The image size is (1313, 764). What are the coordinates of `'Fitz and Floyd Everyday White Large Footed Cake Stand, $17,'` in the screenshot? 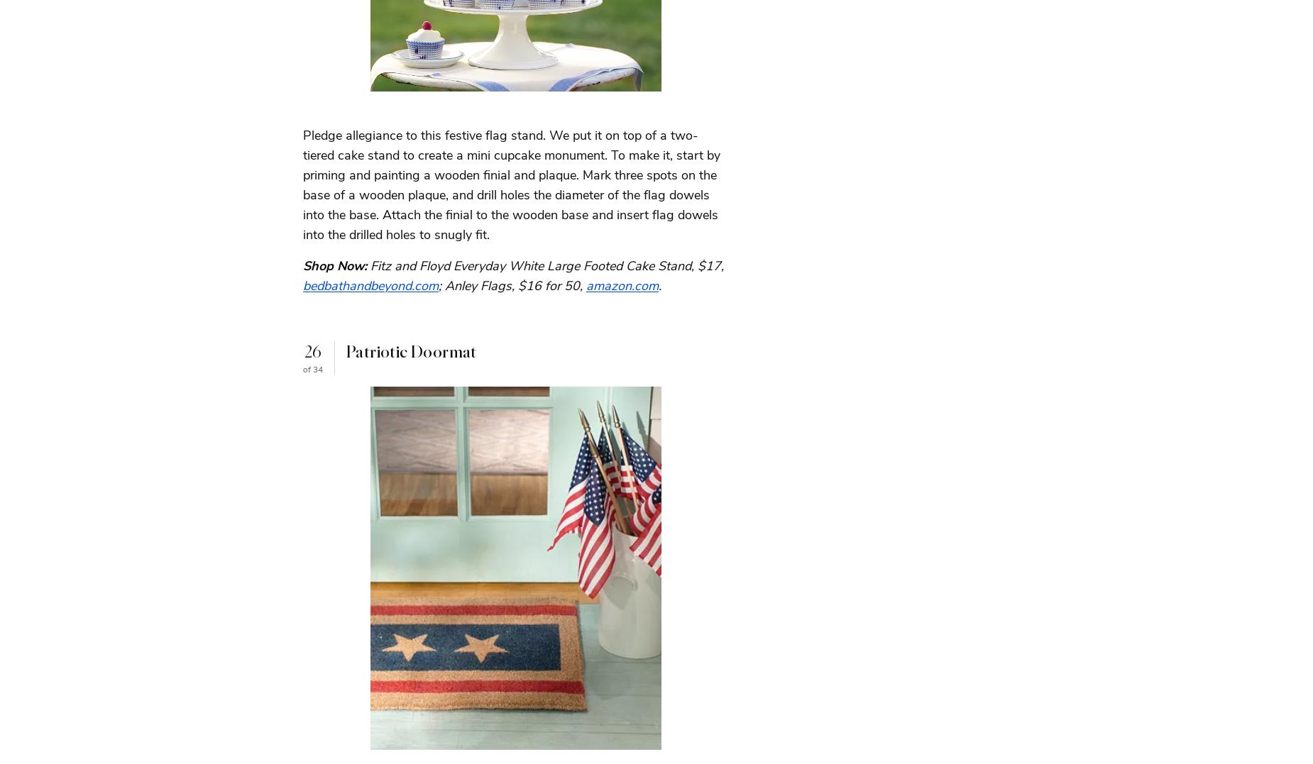 It's located at (547, 265).